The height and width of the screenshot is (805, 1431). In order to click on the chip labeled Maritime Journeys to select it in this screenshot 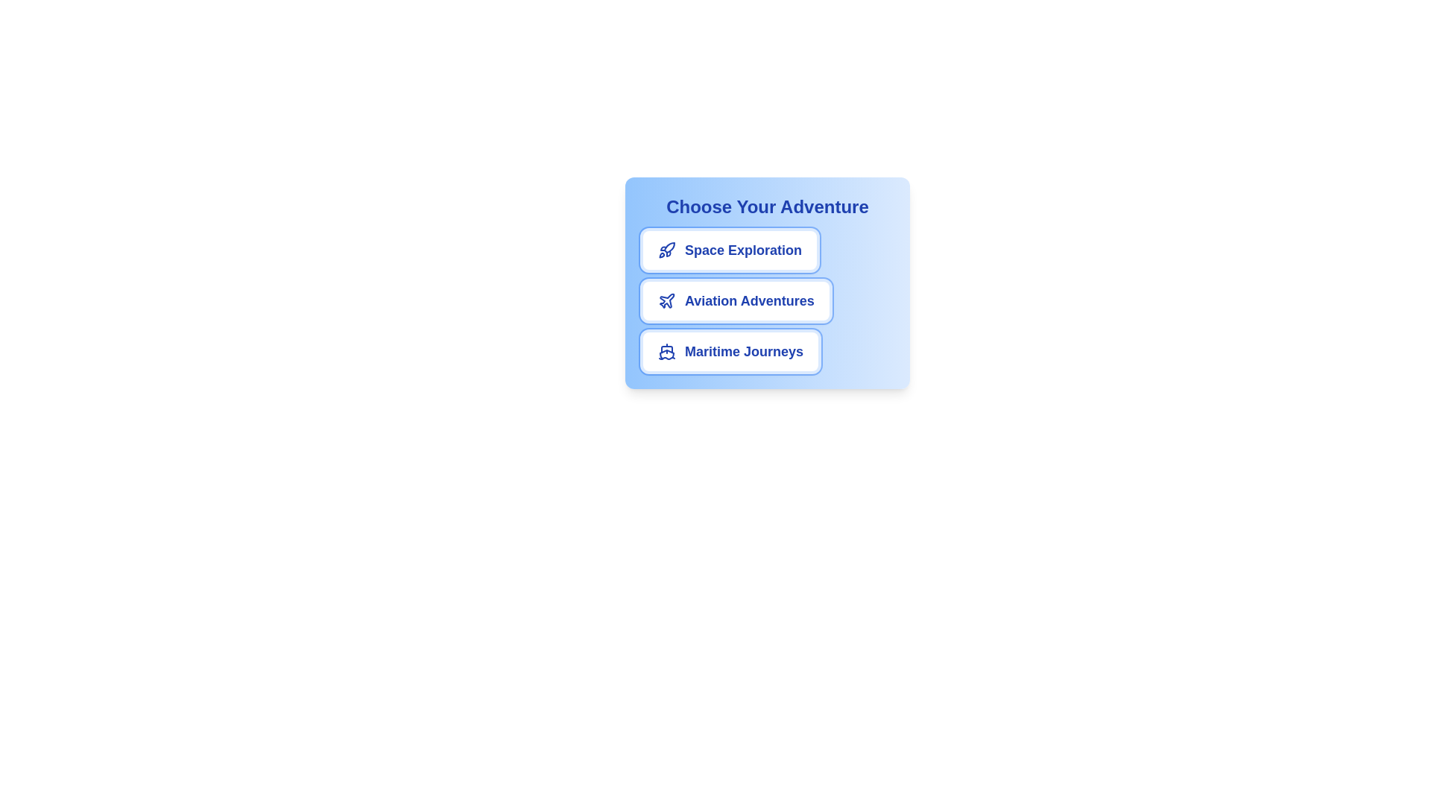, I will do `click(730, 351)`.